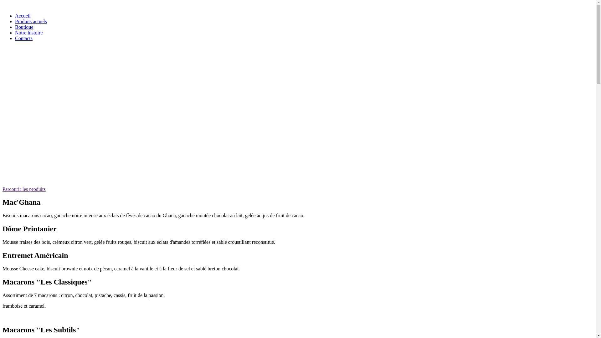  What do you see at coordinates (23, 15) in the screenshot?
I see `'Accueil'` at bounding box center [23, 15].